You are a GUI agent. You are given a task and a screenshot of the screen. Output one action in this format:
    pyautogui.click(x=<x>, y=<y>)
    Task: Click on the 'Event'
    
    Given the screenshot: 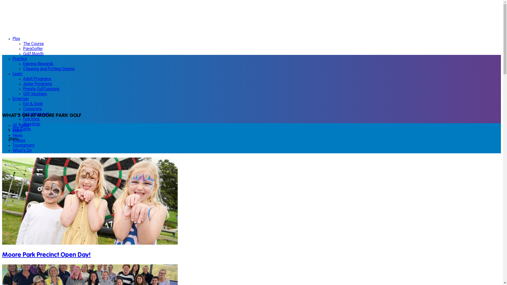 What is the action you would take?
    pyautogui.click(x=17, y=130)
    